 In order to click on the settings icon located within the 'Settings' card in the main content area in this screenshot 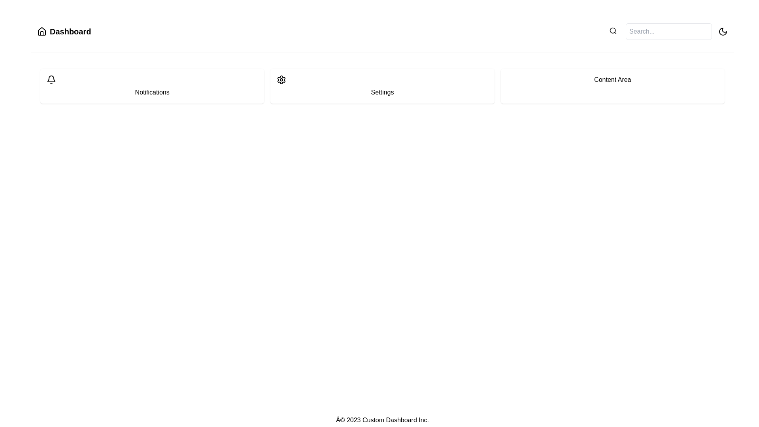, I will do `click(281, 79)`.